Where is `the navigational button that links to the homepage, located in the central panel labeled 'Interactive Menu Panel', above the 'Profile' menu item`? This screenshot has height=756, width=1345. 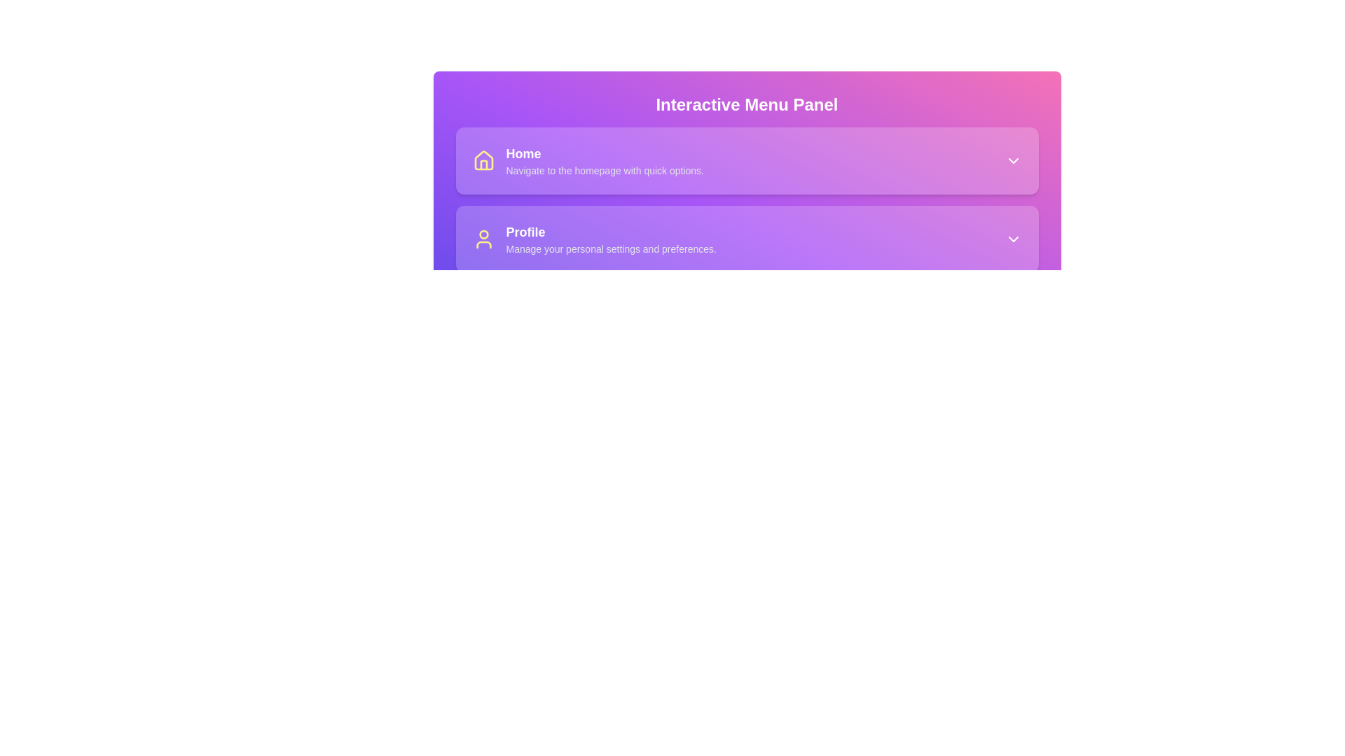 the navigational button that links to the homepage, located in the central panel labeled 'Interactive Menu Panel', above the 'Profile' menu item is located at coordinates (746, 160).